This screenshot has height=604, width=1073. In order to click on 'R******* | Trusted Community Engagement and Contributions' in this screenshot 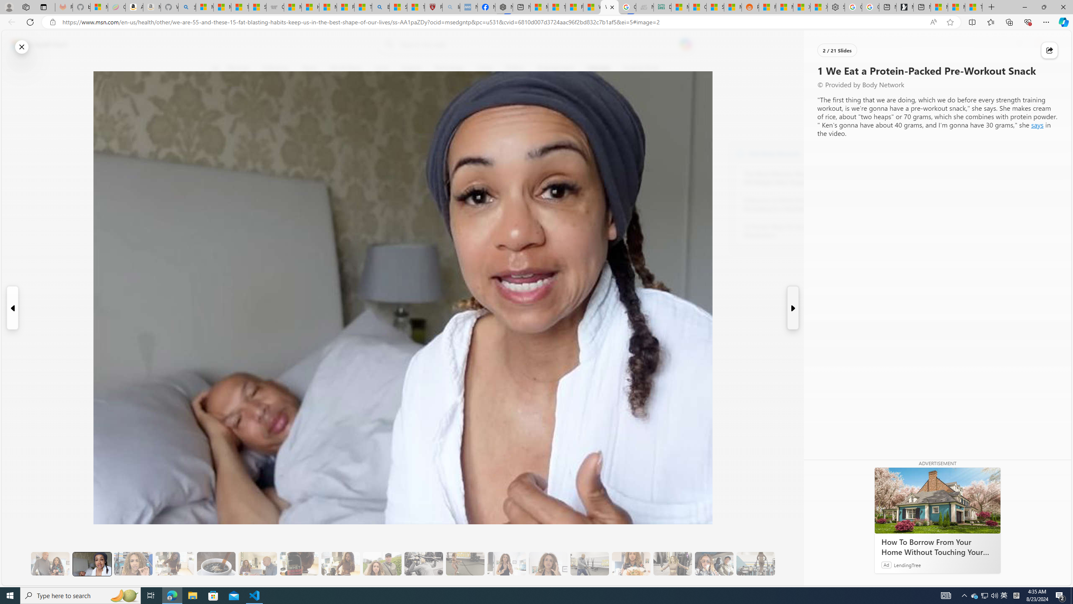, I will do `click(767, 7)`.